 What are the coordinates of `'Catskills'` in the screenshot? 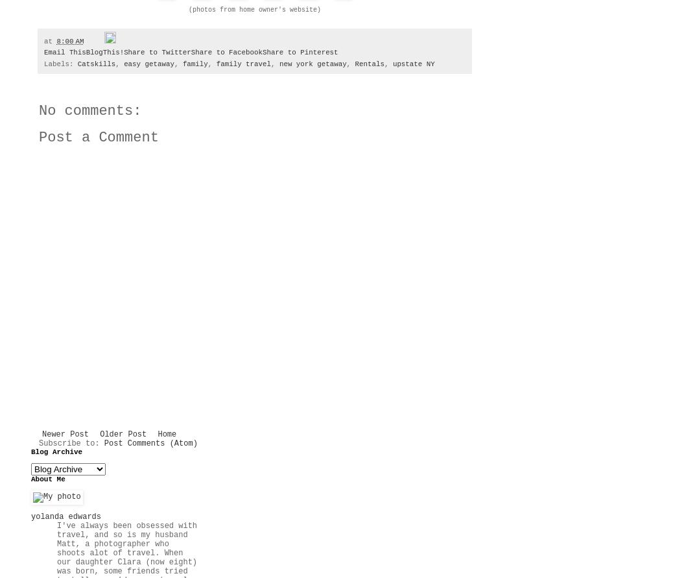 It's located at (76, 63).